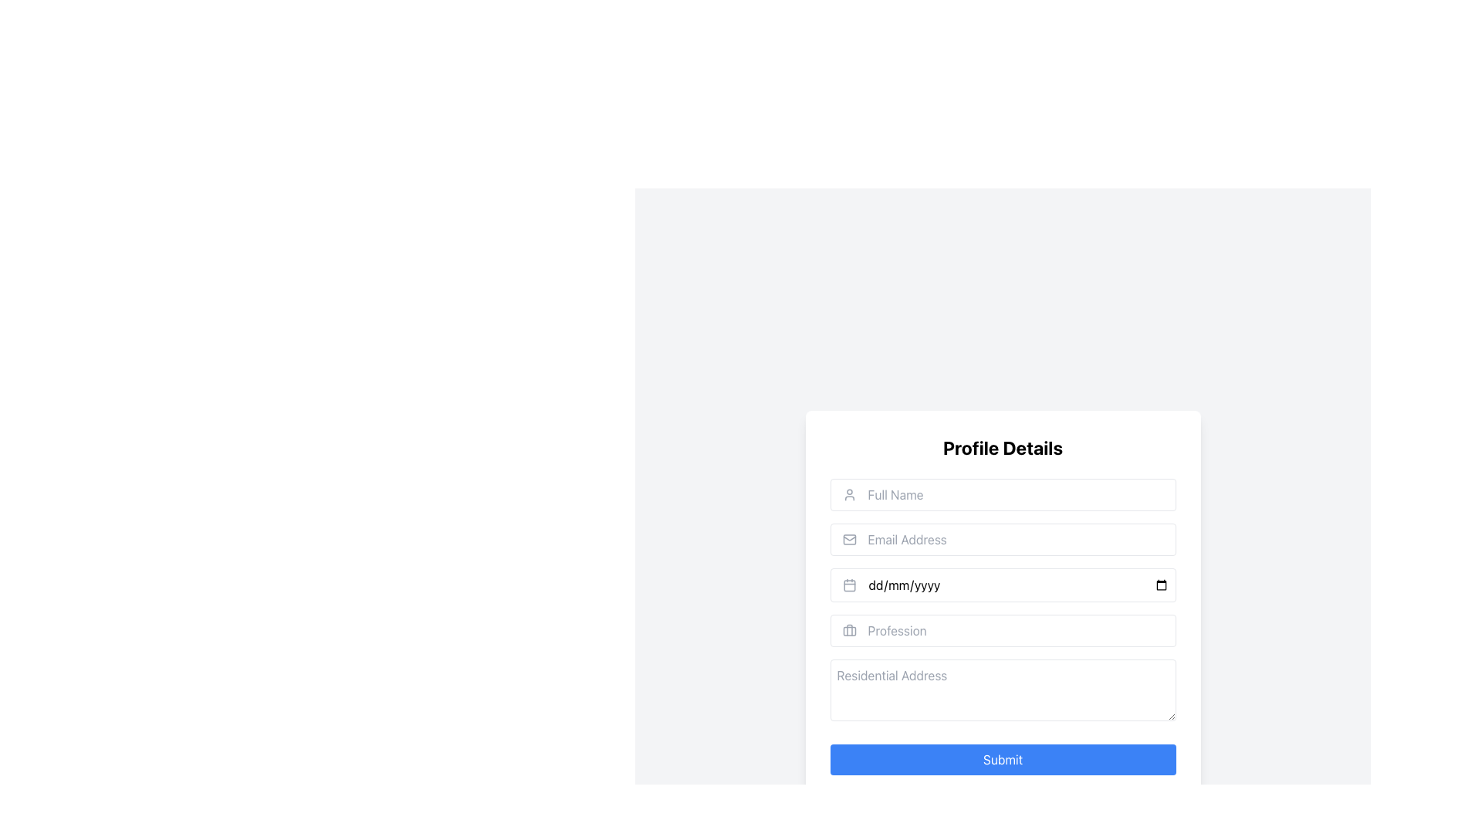 The width and height of the screenshot is (1482, 834). Describe the element at coordinates (1003, 447) in the screenshot. I see `the text element displaying 'Profile Details', which is a bold 2xl header centered at the top of a white card layout` at that location.